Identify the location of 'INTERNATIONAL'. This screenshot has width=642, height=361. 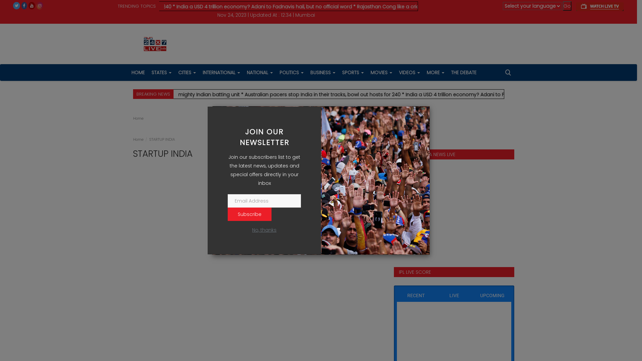
(221, 72).